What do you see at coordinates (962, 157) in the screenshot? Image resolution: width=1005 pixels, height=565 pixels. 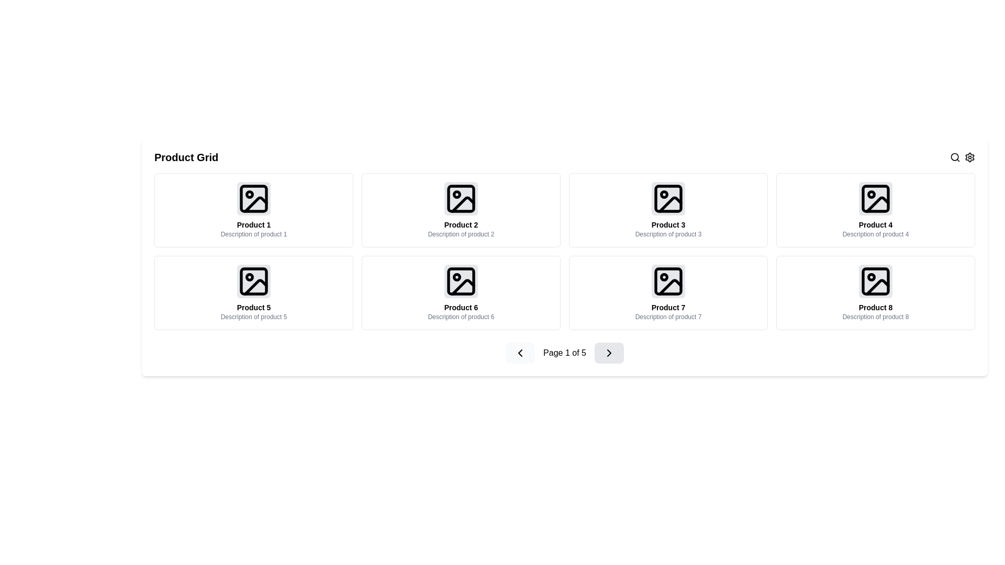 I see `the magnifying glass icon located at the far right end of the 'Product Grid' header bar to initiate a search` at bounding box center [962, 157].